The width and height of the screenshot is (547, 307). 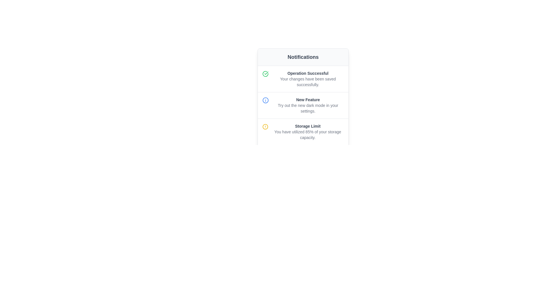 What do you see at coordinates (307, 132) in the screenshot?
I see `the informational text block titled 'Storage Limit', which displays 'You have utilized 85% of your storage capacity.' This element is located at the bottom of the notification list, under the notification titled 'New Feature.'` at bounding box center [307, 132].